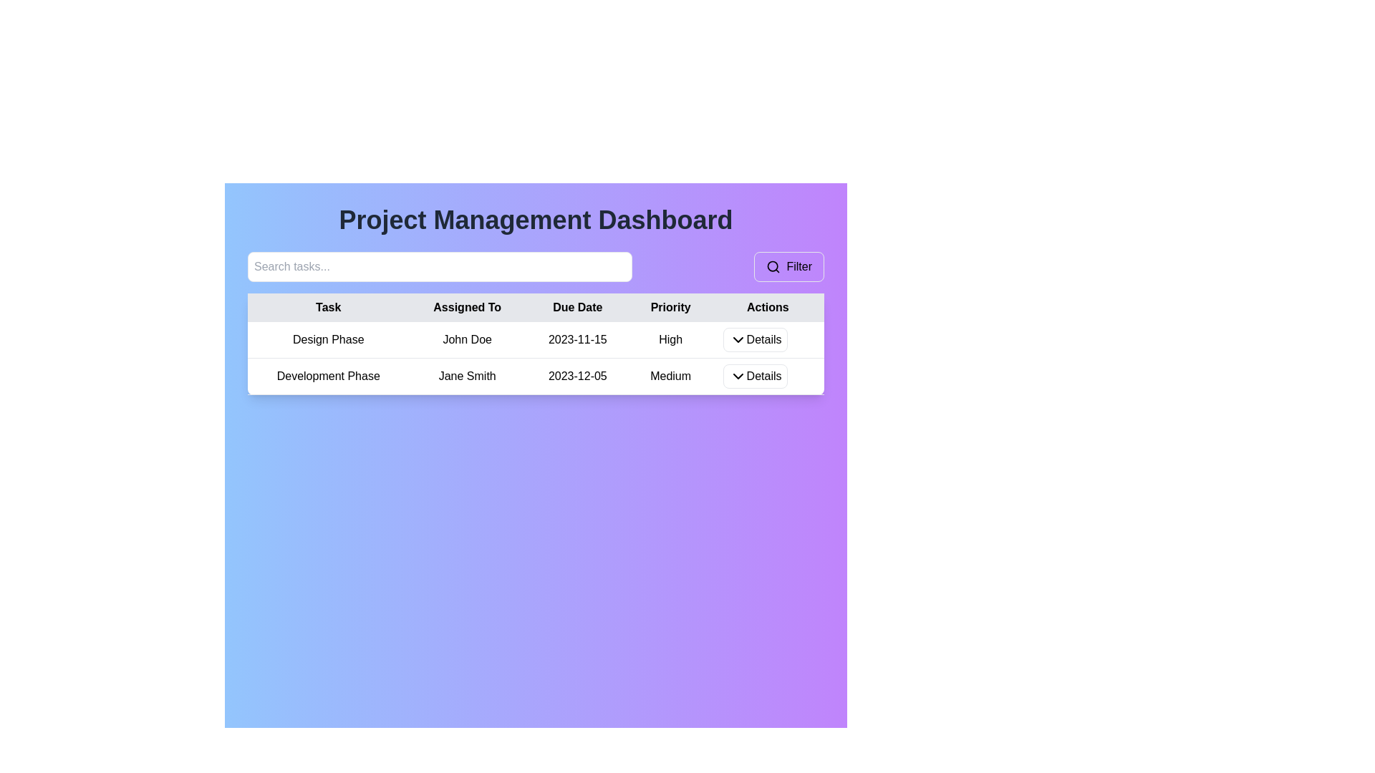 This screenshot has height=773, width=1375. I want to click on the text label displaying the due date for 'Design Phase' assigned to 'John Doe' in the third column of the first row of the 'Project Management Dashboard' table, so click(577, 340).